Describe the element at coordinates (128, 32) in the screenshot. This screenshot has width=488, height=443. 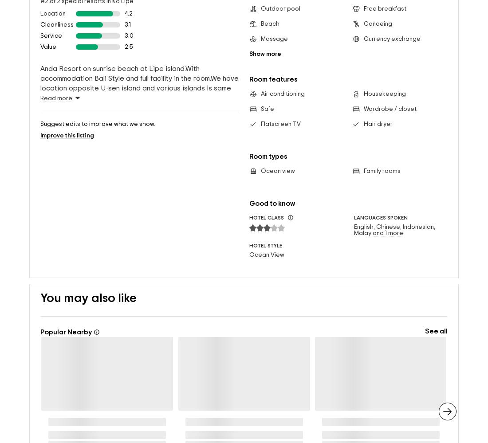
I see `'2.5'` at that location.